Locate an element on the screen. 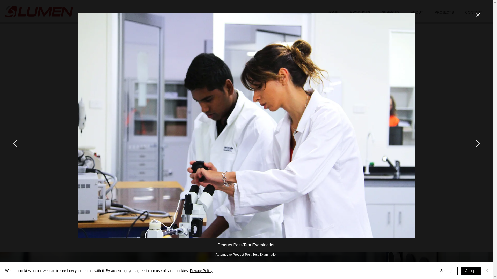 The height and width of the screenshot is (279, 497). 'PRODUCTS' is located at coordinates (360, 12).